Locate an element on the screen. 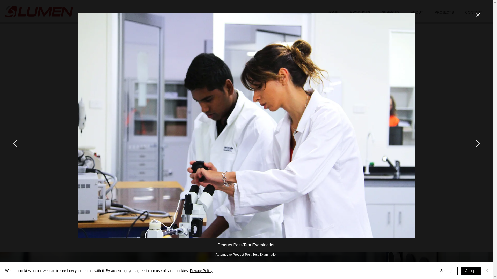 The height and width of the screenshot is (279, 497). 'PRODUCTS' is located at coordinates (360, 12).